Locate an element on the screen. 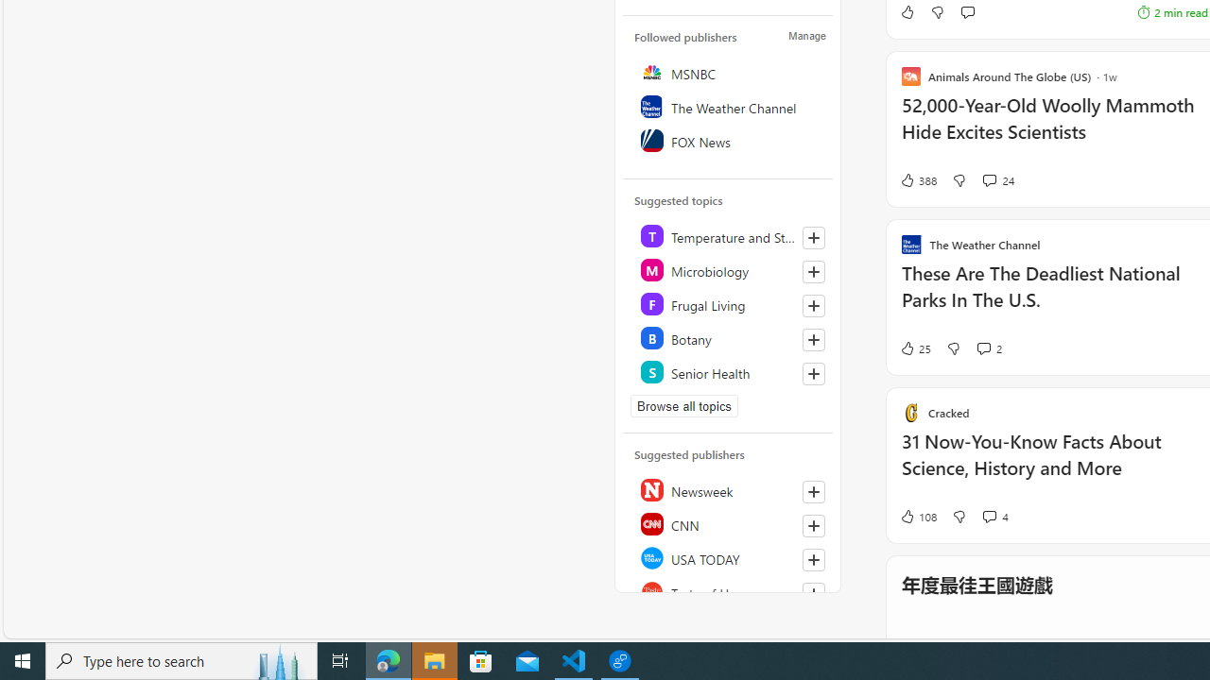 The image size is (1210, 680). 'Browse all topics' is located at coordinates (683, 405).